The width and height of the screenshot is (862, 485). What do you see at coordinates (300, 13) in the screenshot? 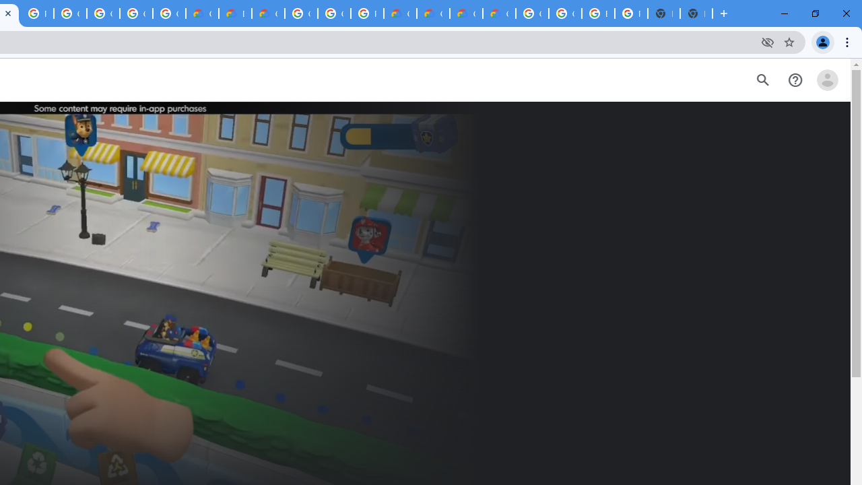
I see `'Google Cloud Platform'` at bounding box center [300, 13].